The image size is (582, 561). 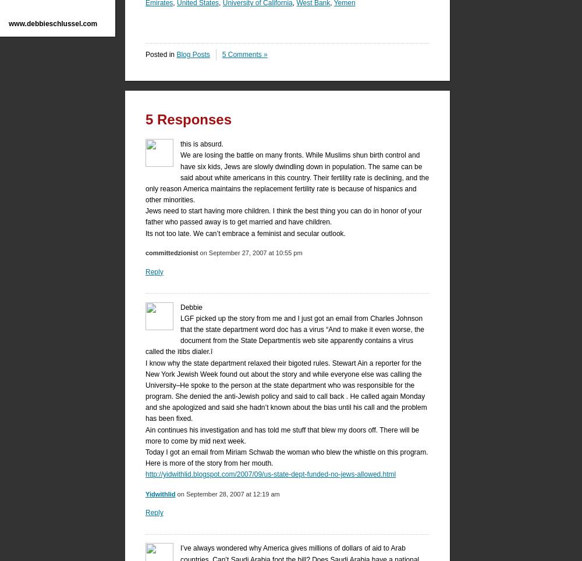 What do you see at coordinates (285, 390) in the screenshot?
I see `'I know why the state department relaxed their bigoted rules. Stewart Ain a reporter for the New York Jewish Week found out about the story and while everyone else was calling the University–He spoke to the person at the state department who was responsible for the program. She denied the anti-Jewish policy and said to call back . He called again Monday and she apologized and said she hadn’t known about the bias until his call and the problem has been fixed.'` at bounding box center [285, 390].